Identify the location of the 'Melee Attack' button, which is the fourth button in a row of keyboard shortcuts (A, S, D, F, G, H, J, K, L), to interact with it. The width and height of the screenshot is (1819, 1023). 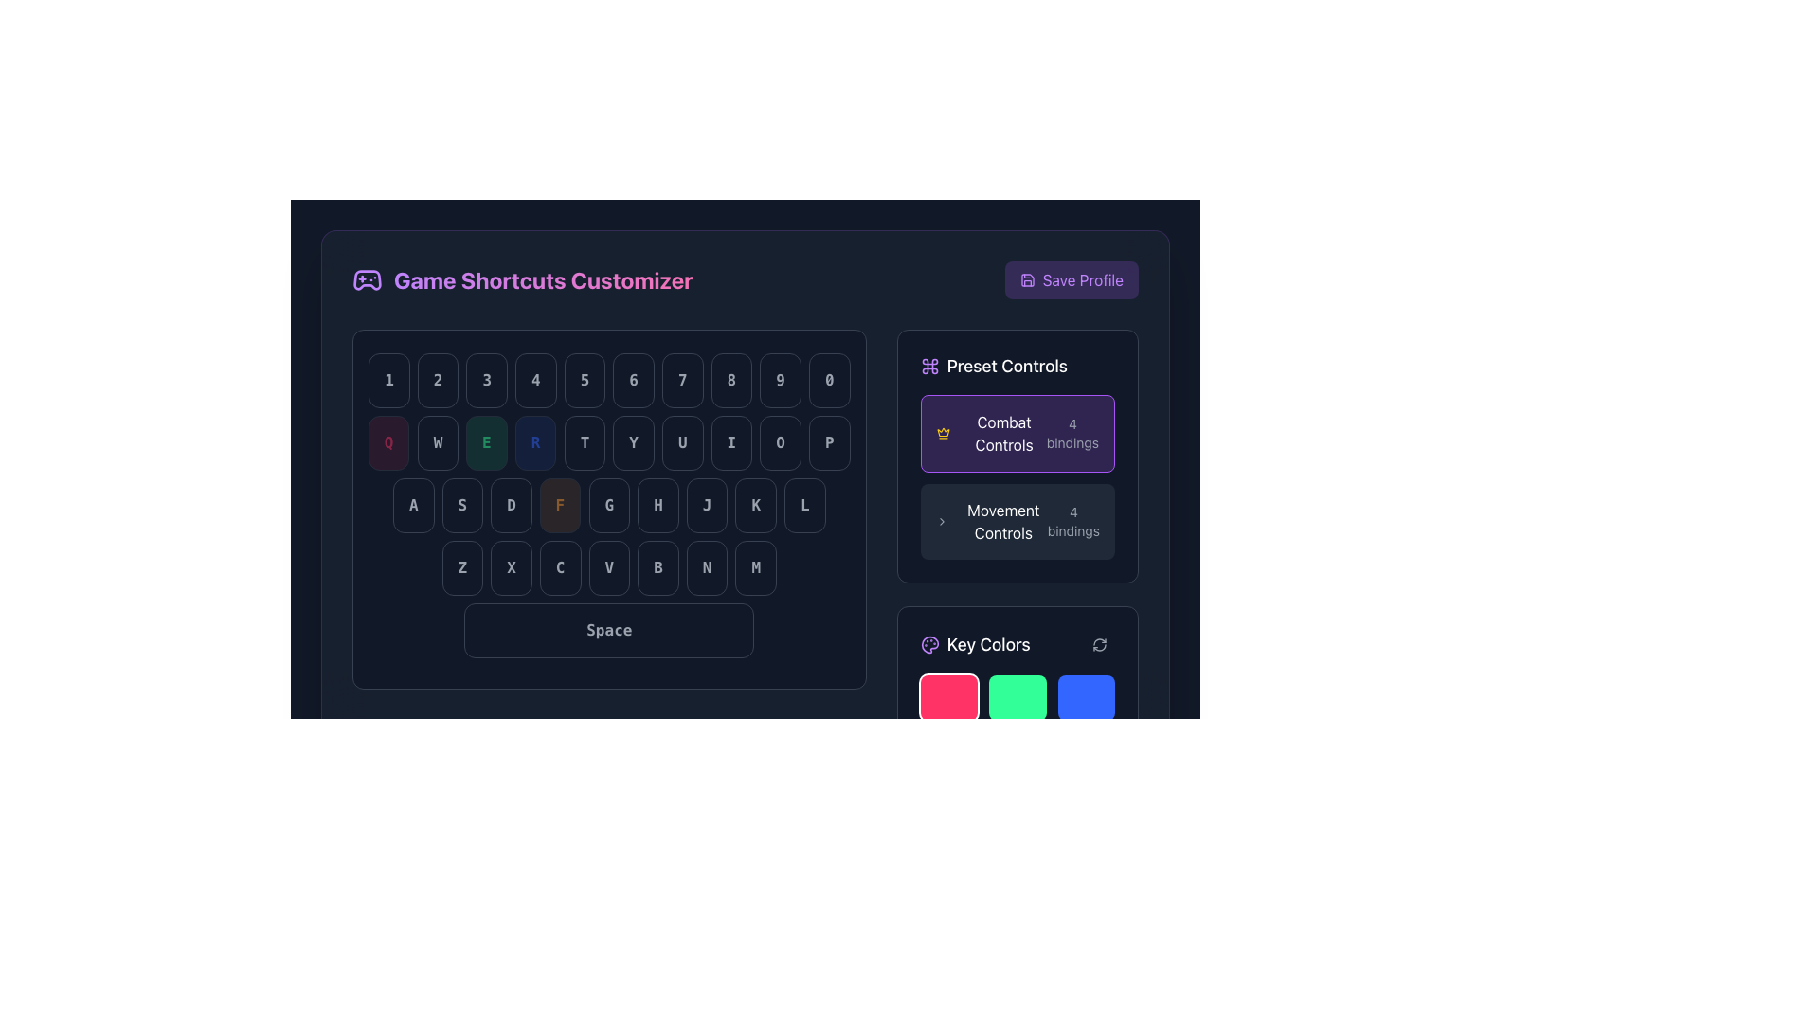
(609, 504).